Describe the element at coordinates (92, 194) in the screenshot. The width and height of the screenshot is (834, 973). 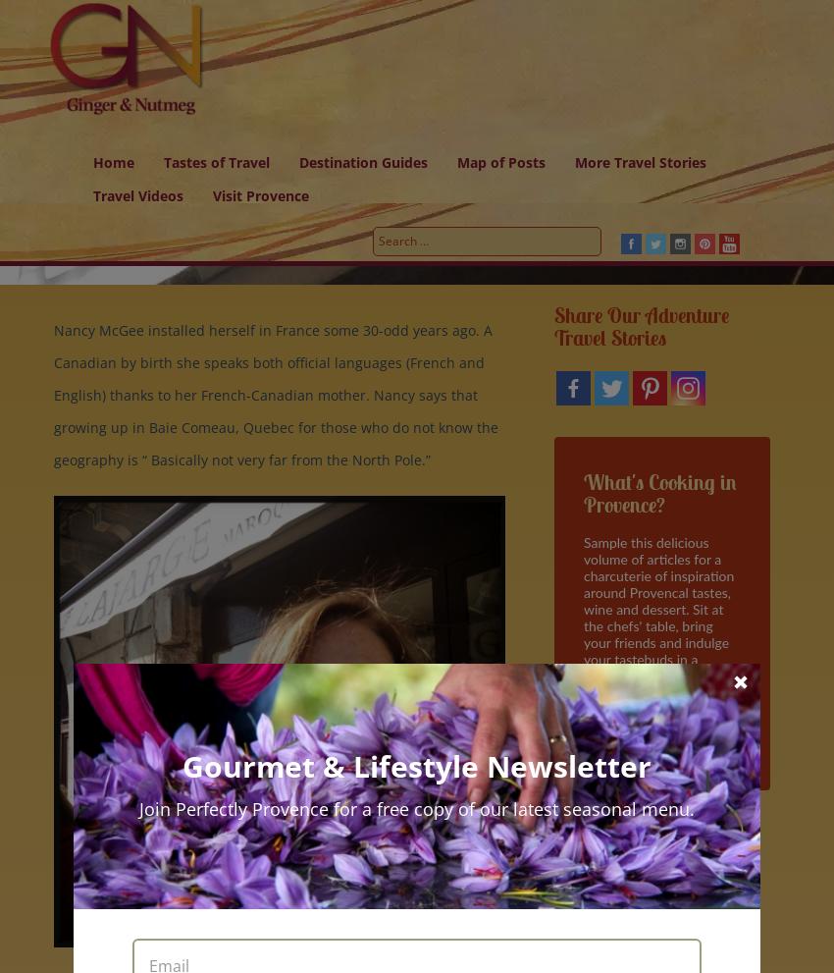
I see `'Travel Videos'` at that location.